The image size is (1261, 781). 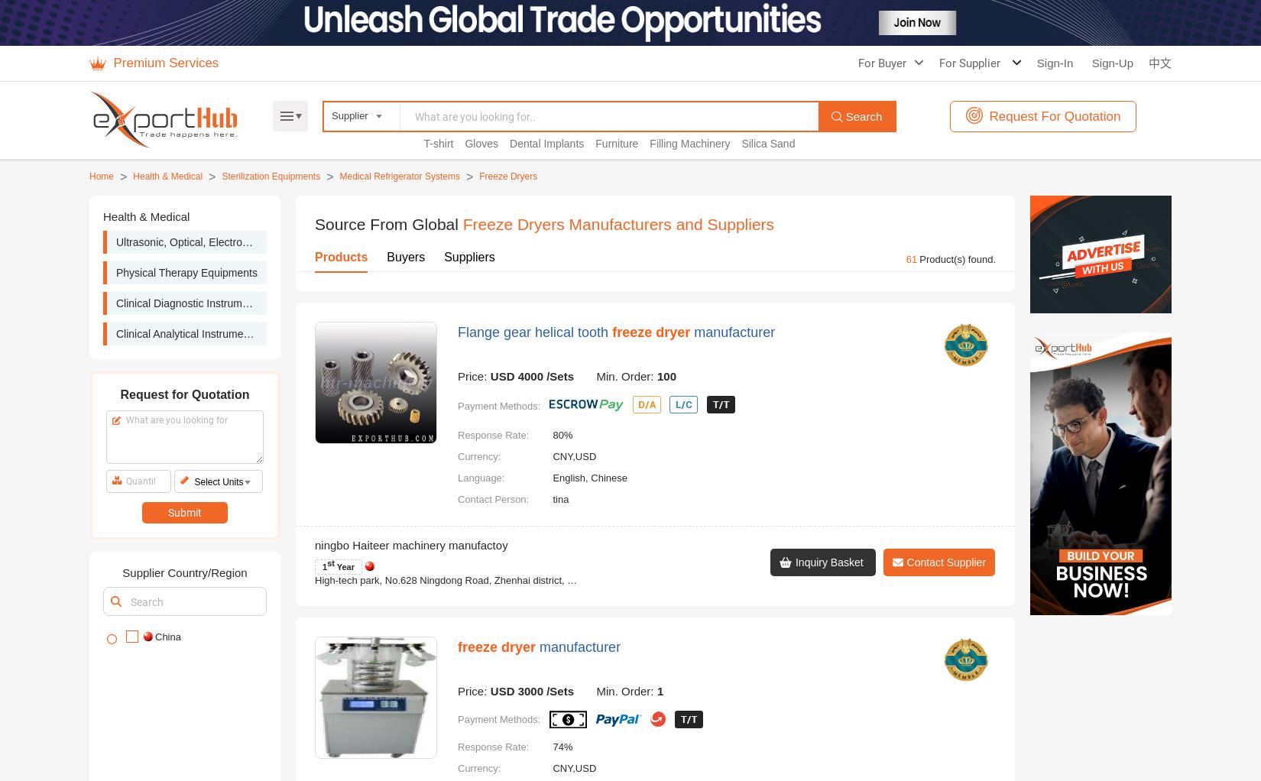 I want to click on '93%', so click(x=562, y=332).